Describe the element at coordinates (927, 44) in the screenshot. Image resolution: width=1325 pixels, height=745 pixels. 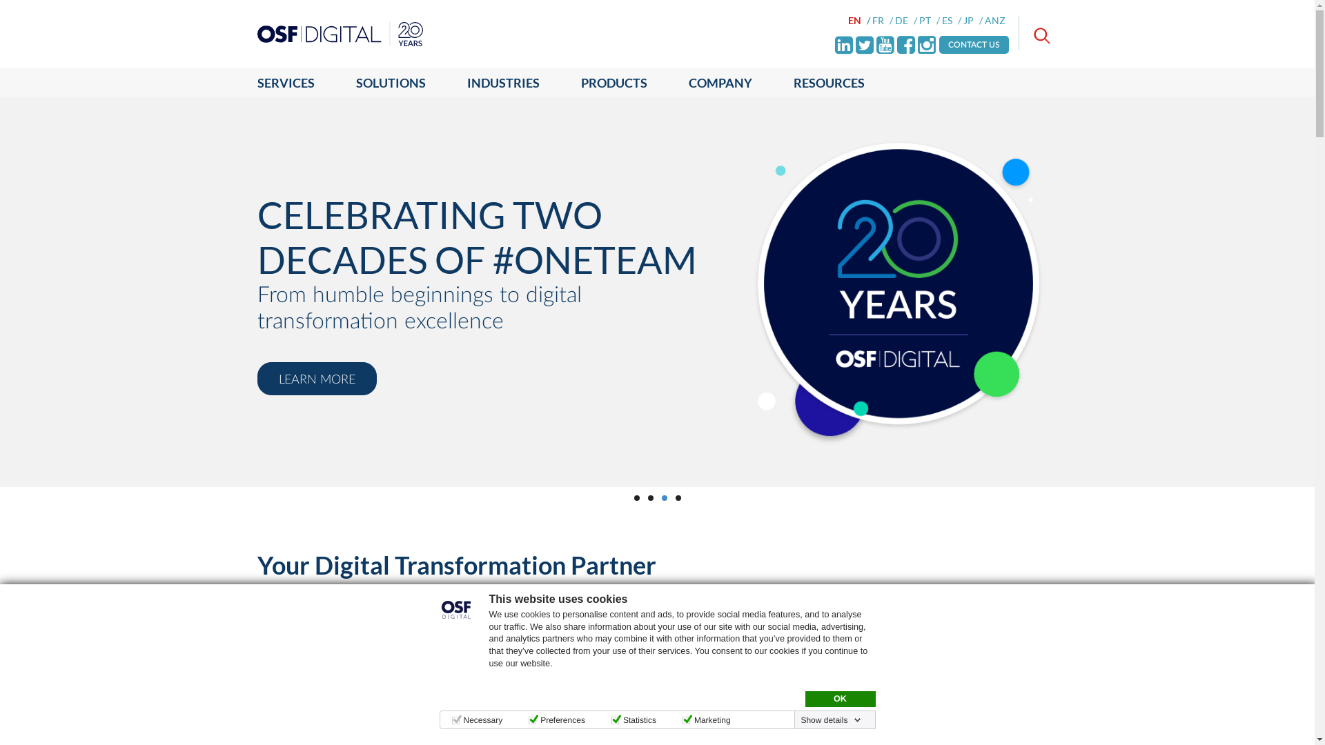
I see `'Instagram'` at that location.